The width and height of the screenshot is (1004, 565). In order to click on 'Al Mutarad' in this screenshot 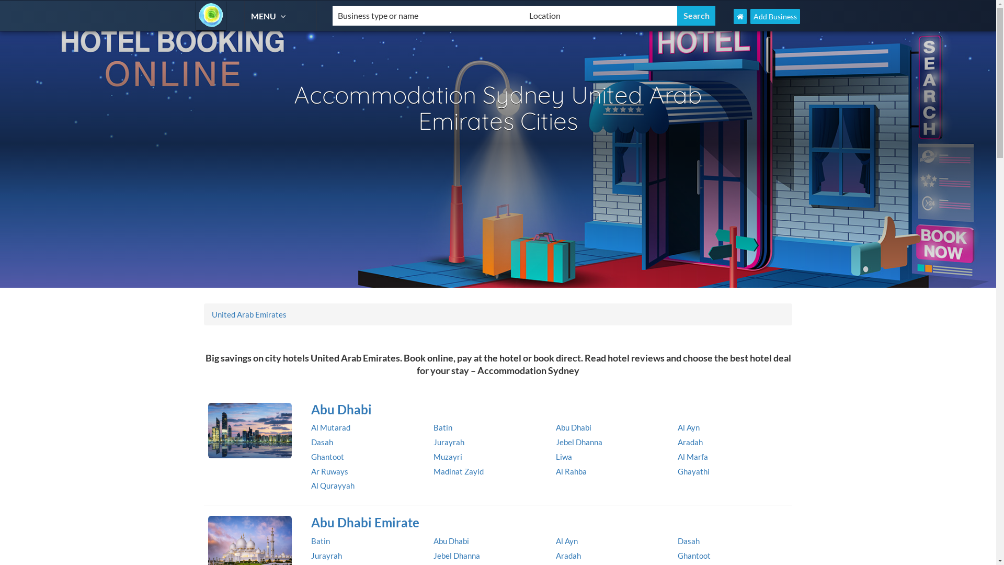, I will do `click(330, 427)`.